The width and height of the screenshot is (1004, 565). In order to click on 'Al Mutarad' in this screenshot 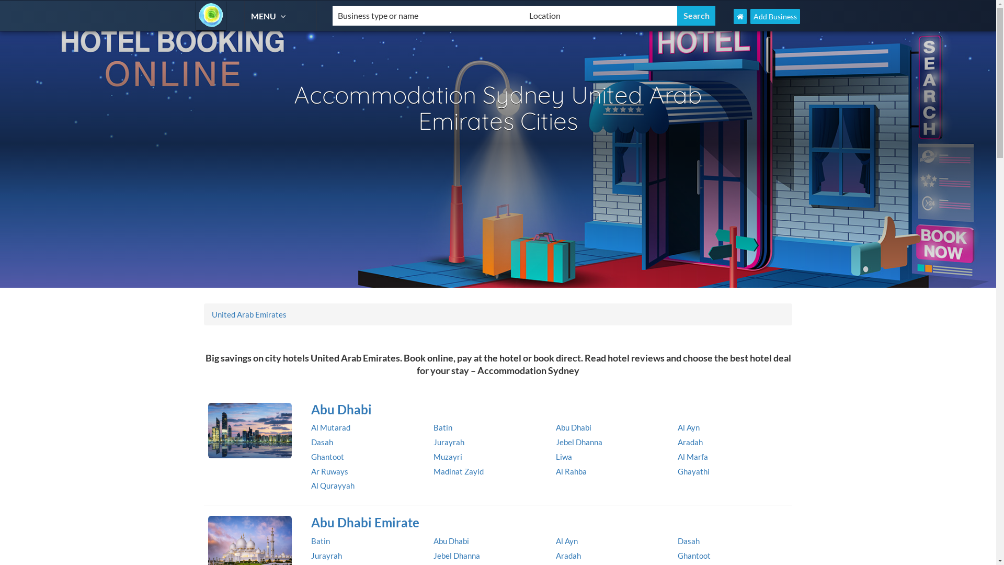, I will do `click(330, 427)`.